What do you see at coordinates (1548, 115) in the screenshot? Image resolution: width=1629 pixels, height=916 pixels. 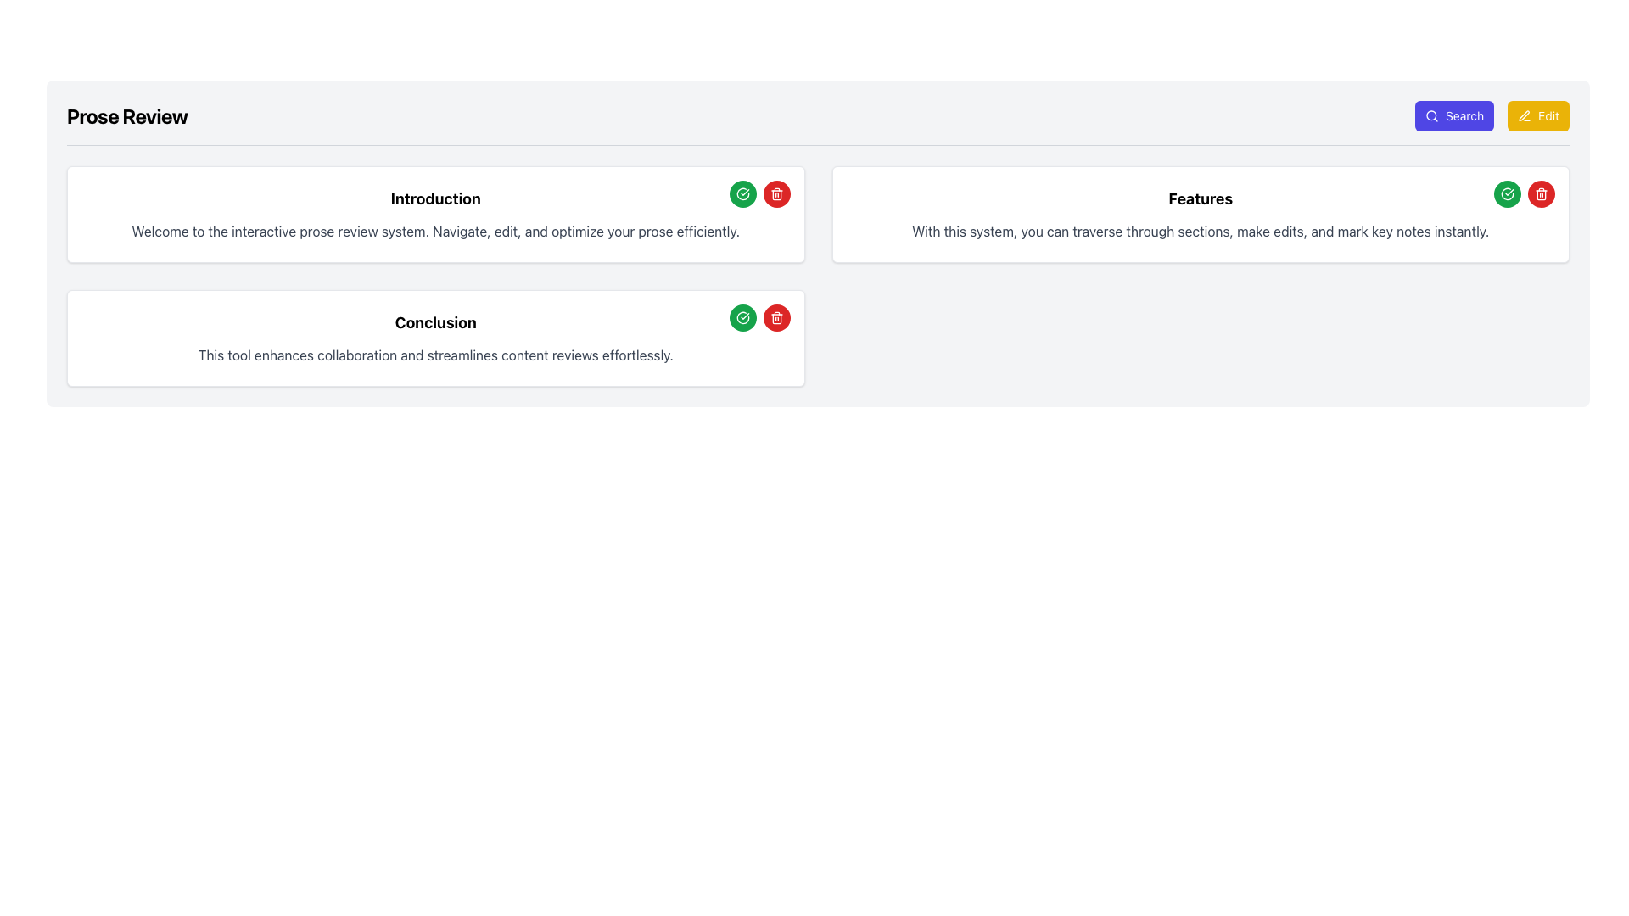 I see `the 'Edit' text label within the yellow button located in the top-right corner of the interface` at bounding box center [1548, 115].